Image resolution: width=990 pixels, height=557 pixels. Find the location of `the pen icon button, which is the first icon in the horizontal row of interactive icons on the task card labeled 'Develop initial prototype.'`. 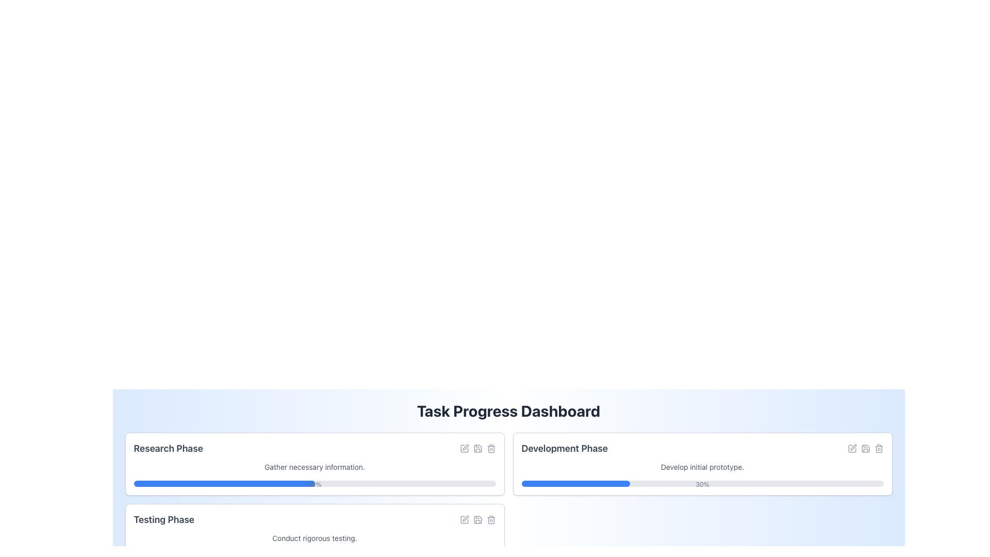

the pen icon button, which is the first icon in the horizontal row of interactive icons on the task card labeled 'Develop initial prototype.' is located at coordinates (852, 448).